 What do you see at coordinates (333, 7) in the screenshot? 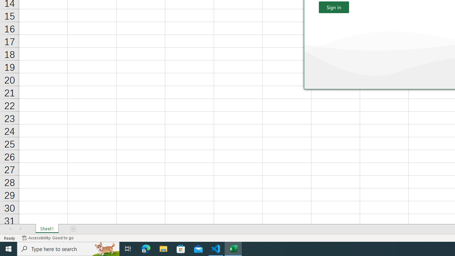
I see `'Sign in'` at bounding box center [333, 7].